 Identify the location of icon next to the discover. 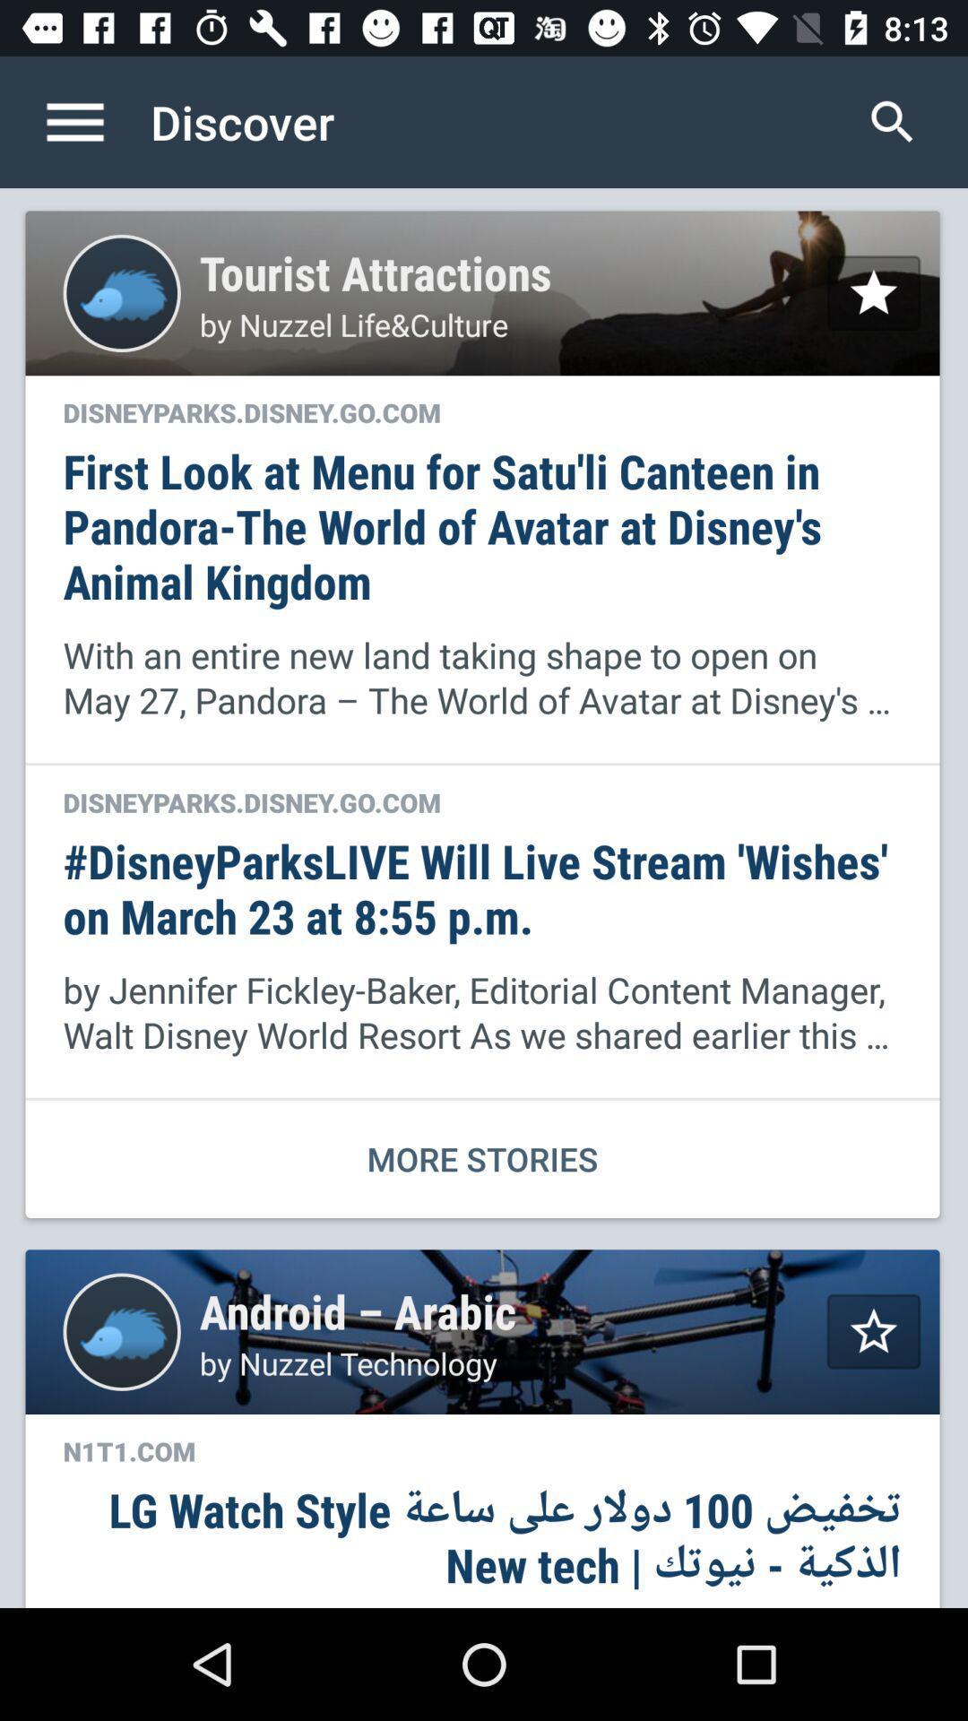
(93, 121).